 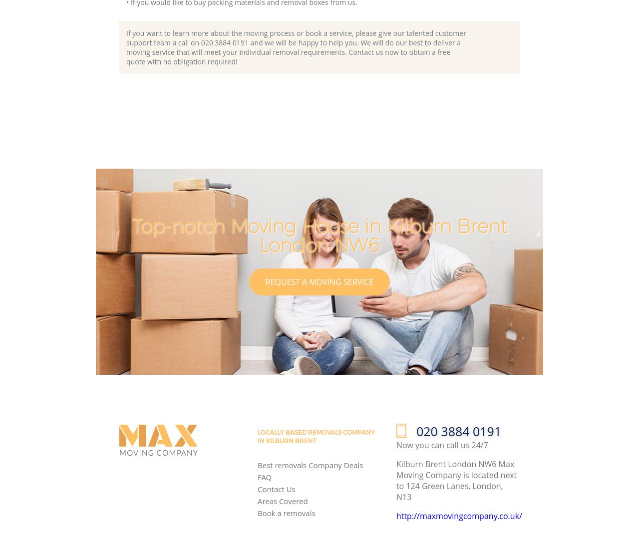 I want to click on 'Best removals Company Deals', so click(x=257, y=465).